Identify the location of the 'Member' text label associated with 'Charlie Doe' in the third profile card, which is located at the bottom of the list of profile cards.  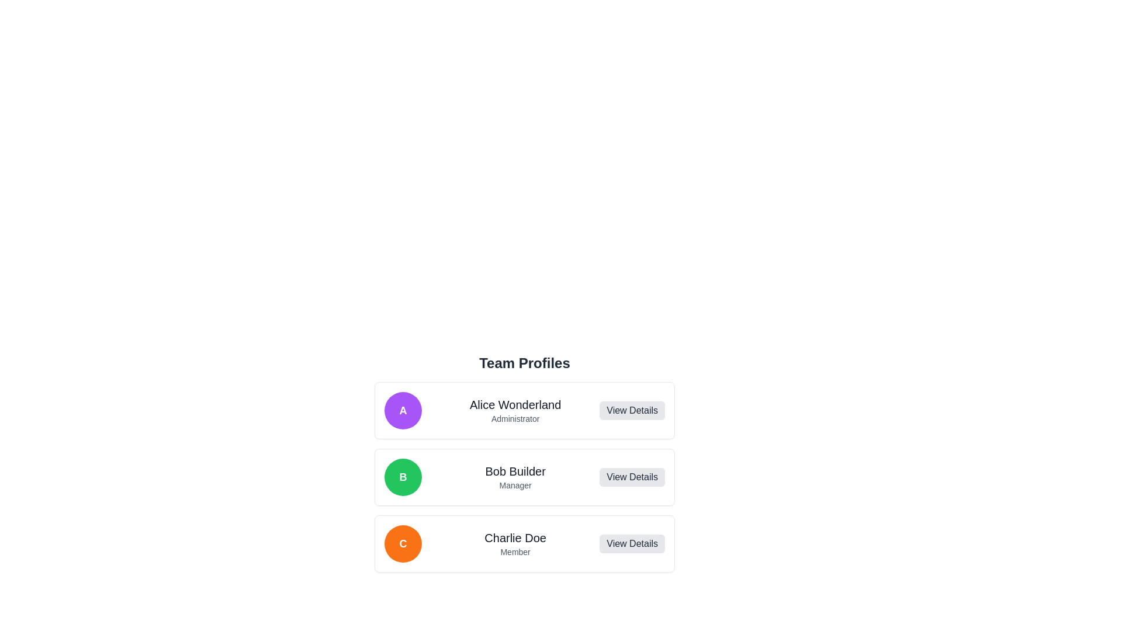
(515, 552).